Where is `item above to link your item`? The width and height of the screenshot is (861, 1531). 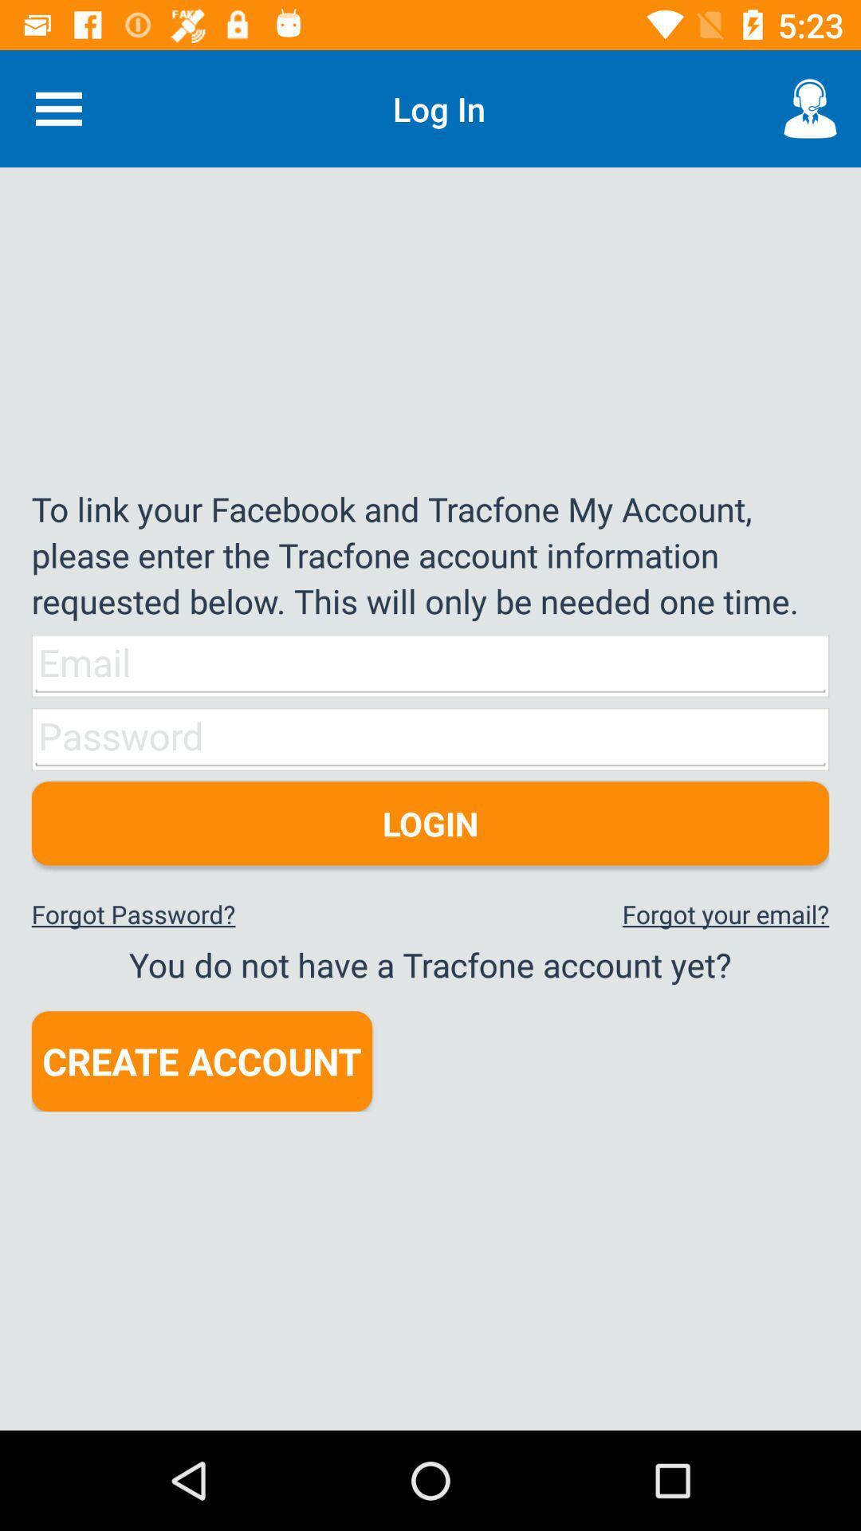
item above to link your item is located at coordinates (57, 108).